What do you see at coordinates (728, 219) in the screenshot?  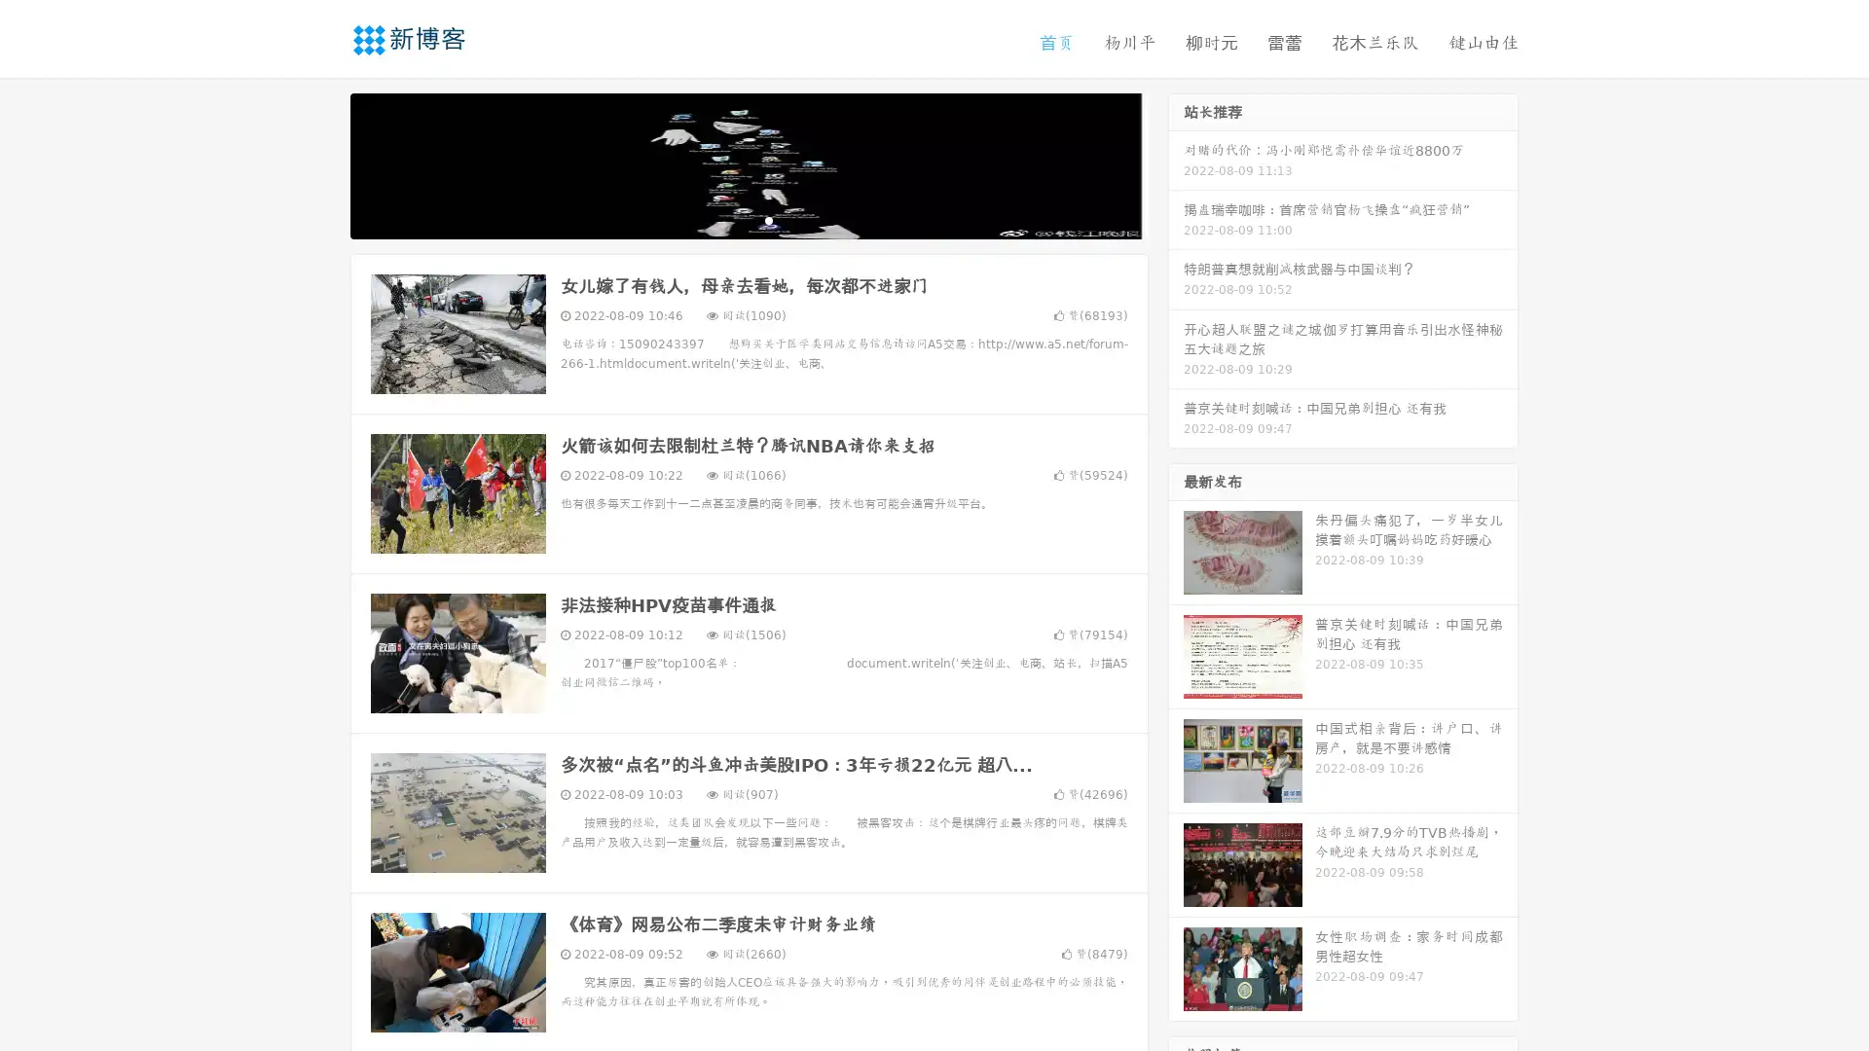 I see `Go to slide 1` at bounding box center [728, 219].